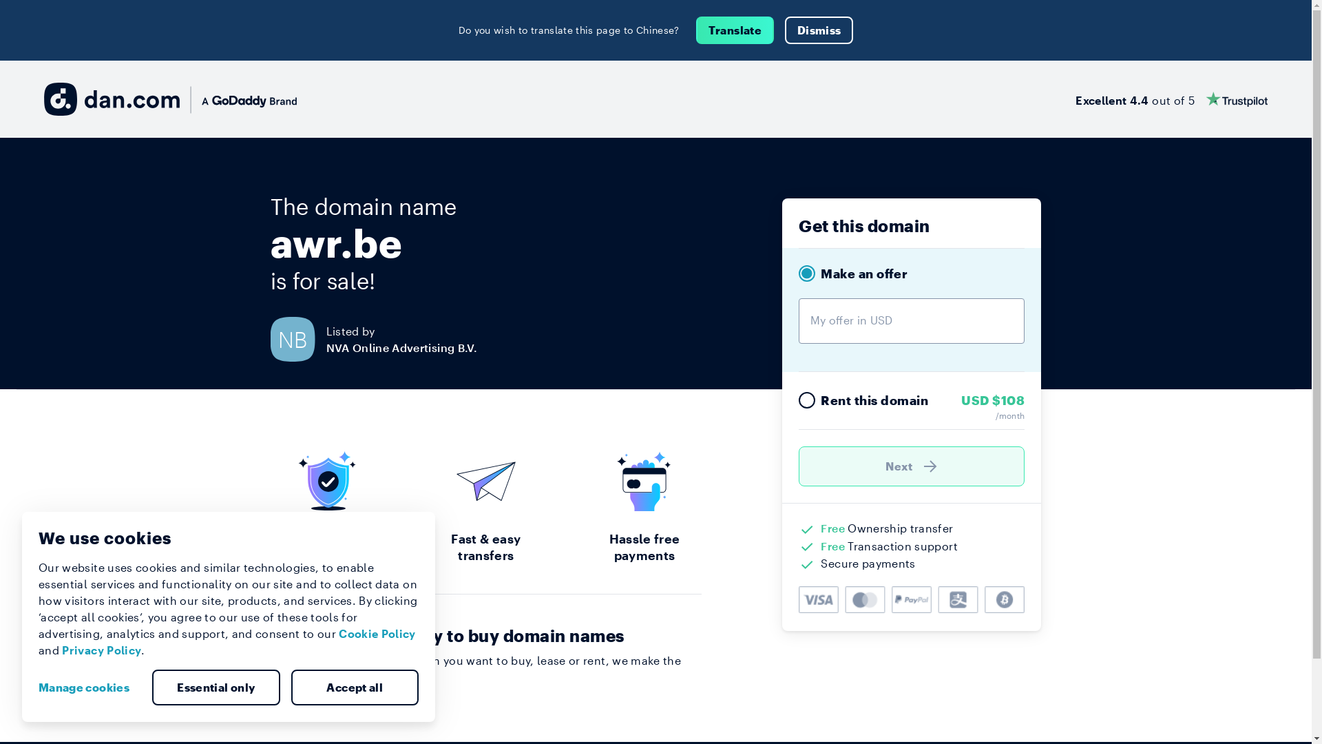 Image resolution: width=1322 pixels, height=744 pixels. I want to click on 'Manage cookies', so click(88, 688).